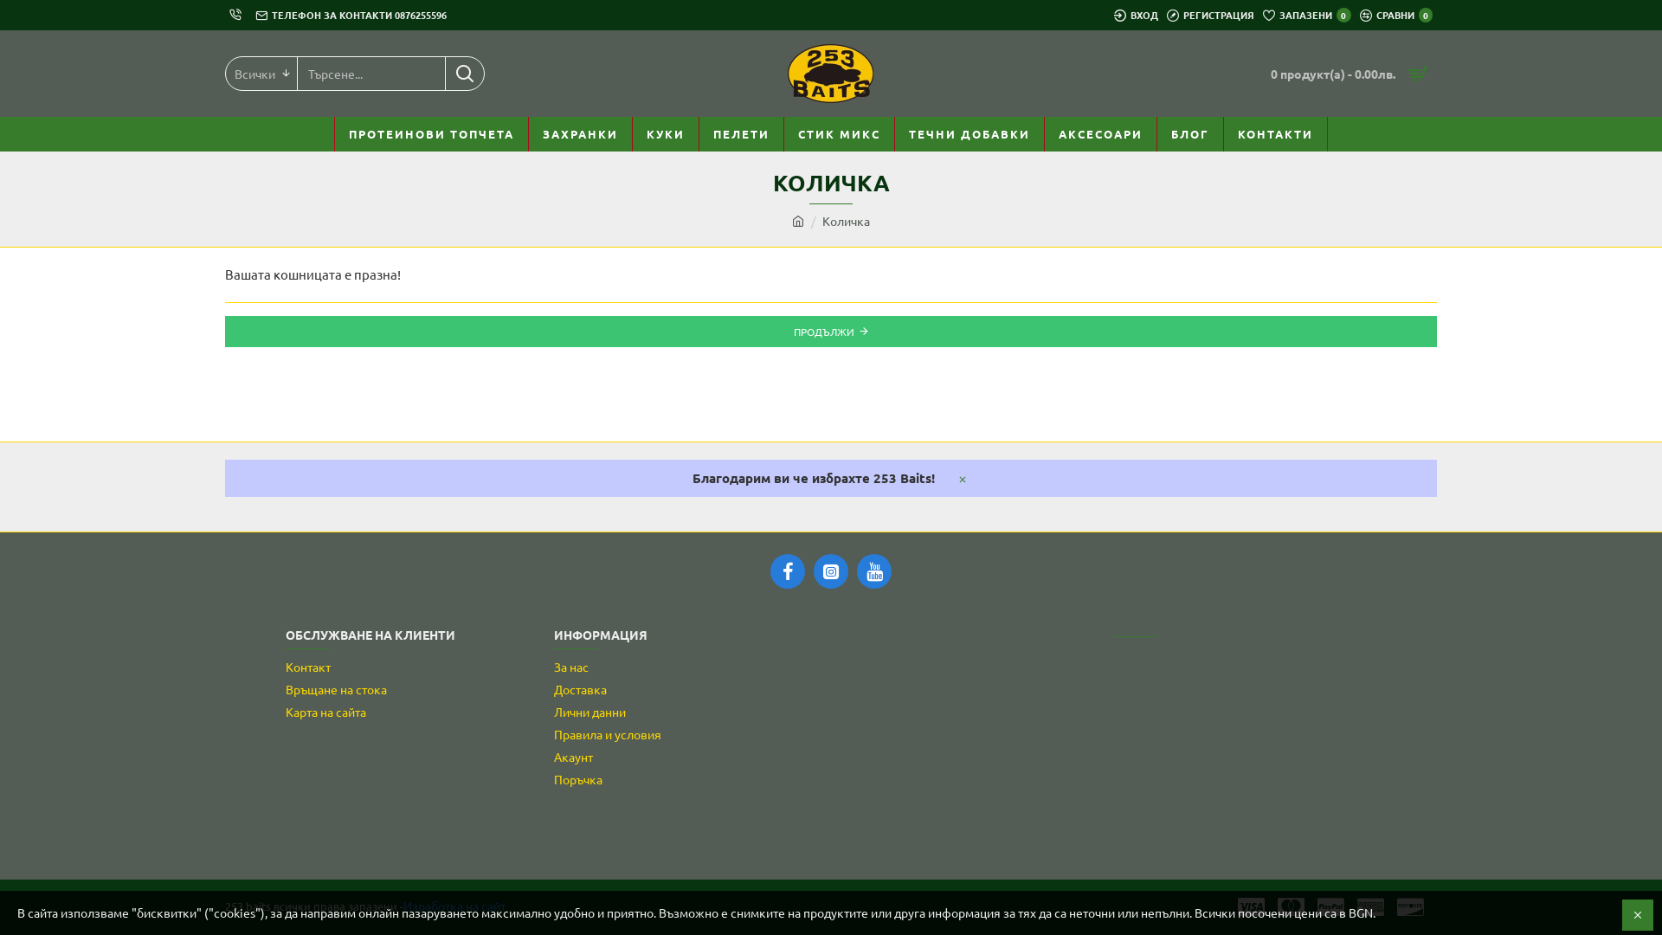  I want to click on '253 Baits', so click(787, 72).